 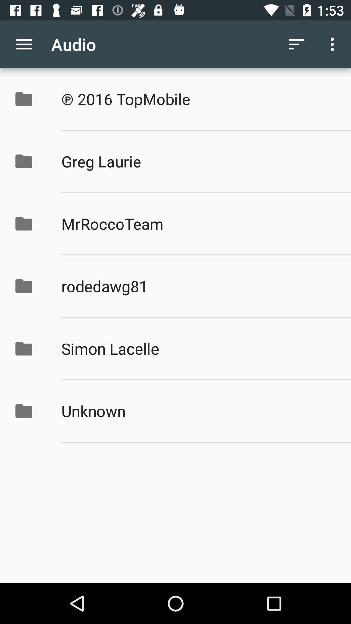 I want to click on rodedawg81 item, so click(x=199, y=286).